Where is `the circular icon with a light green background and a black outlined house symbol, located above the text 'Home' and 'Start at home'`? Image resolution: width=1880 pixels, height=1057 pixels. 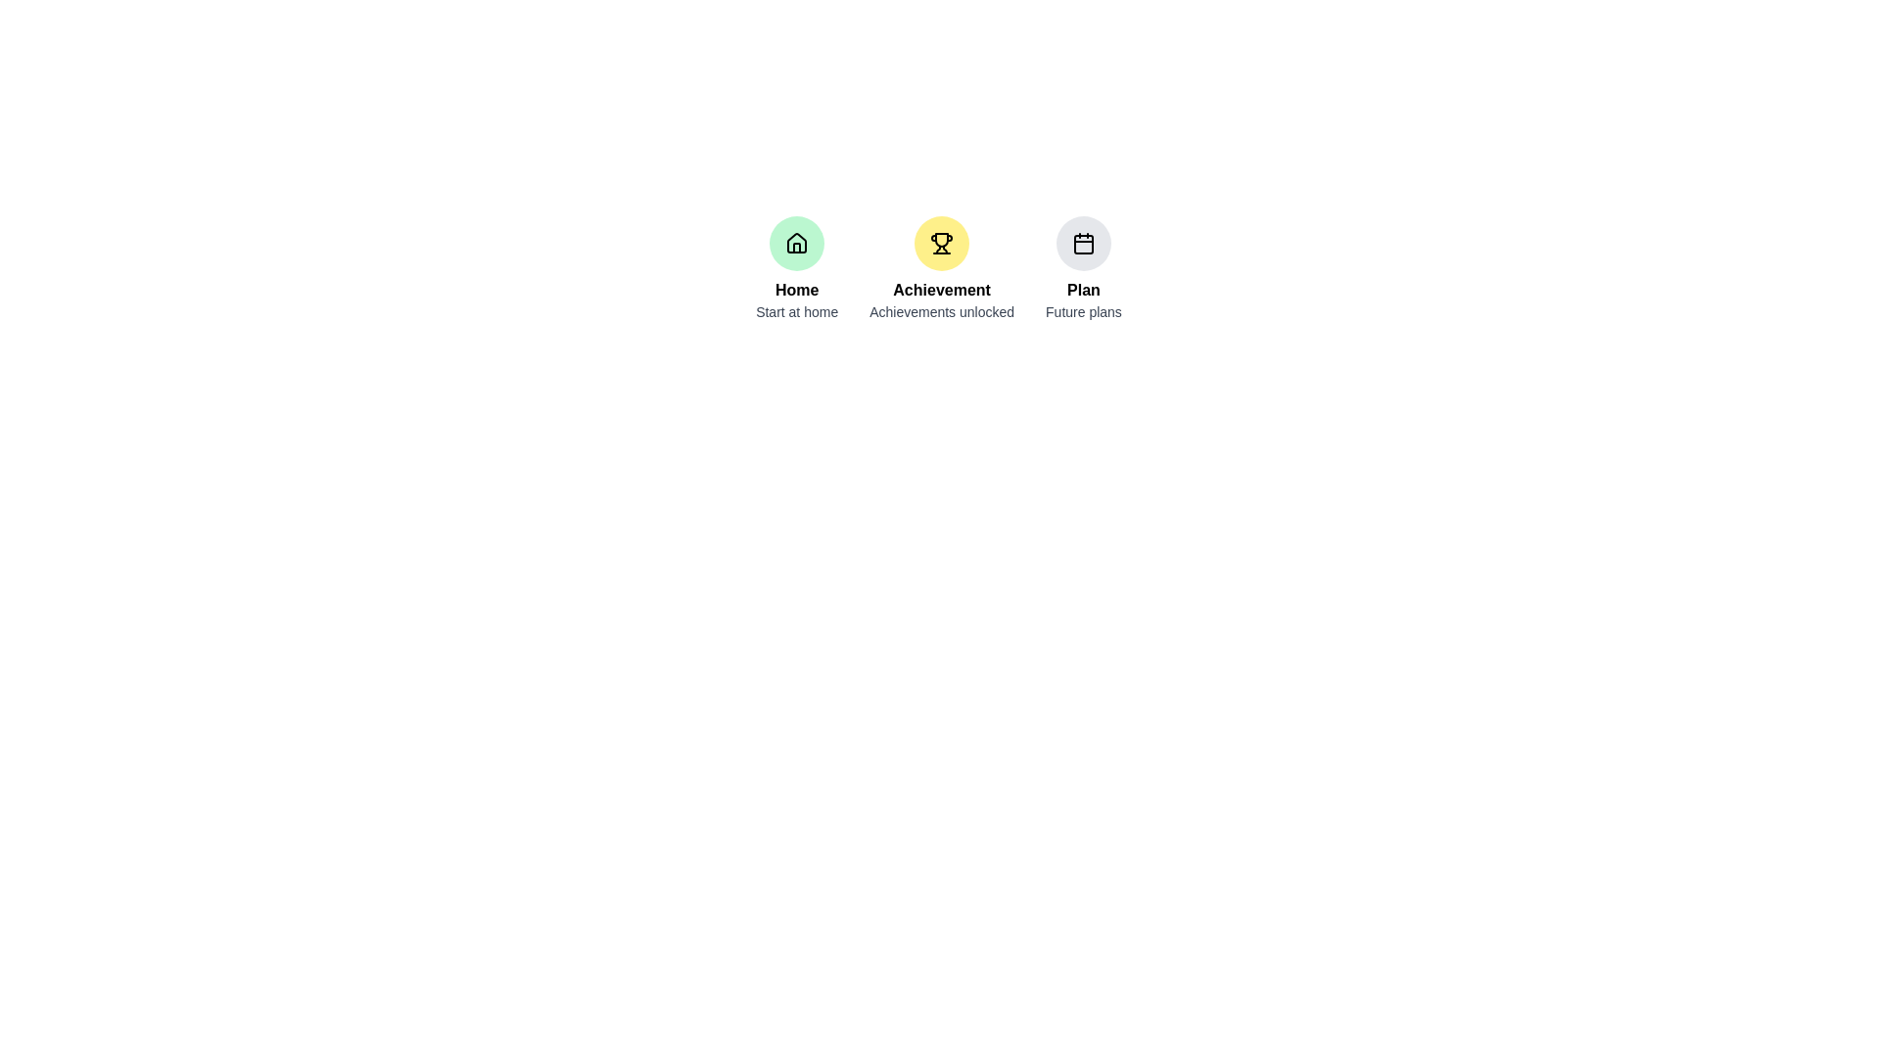
the circular icon with a light green background and a black outlined house symbol, located above the text 'Home' and 'Start at home' is located at coordinates (797, 243).